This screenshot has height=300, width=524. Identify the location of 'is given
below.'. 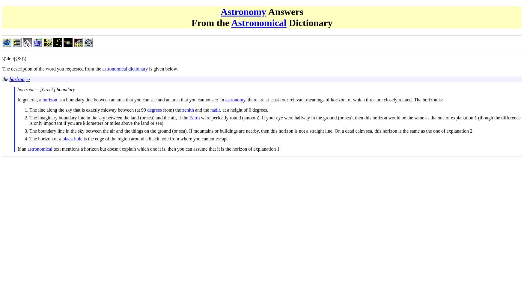
(162, 68).